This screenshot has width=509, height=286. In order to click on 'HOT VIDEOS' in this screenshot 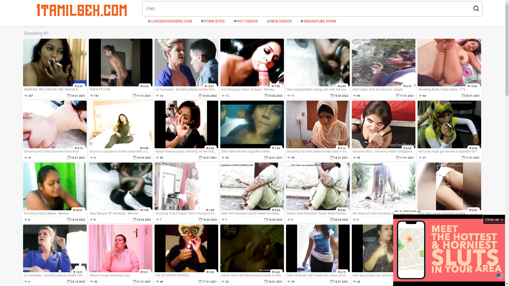, I will do `click(245, 21)`.